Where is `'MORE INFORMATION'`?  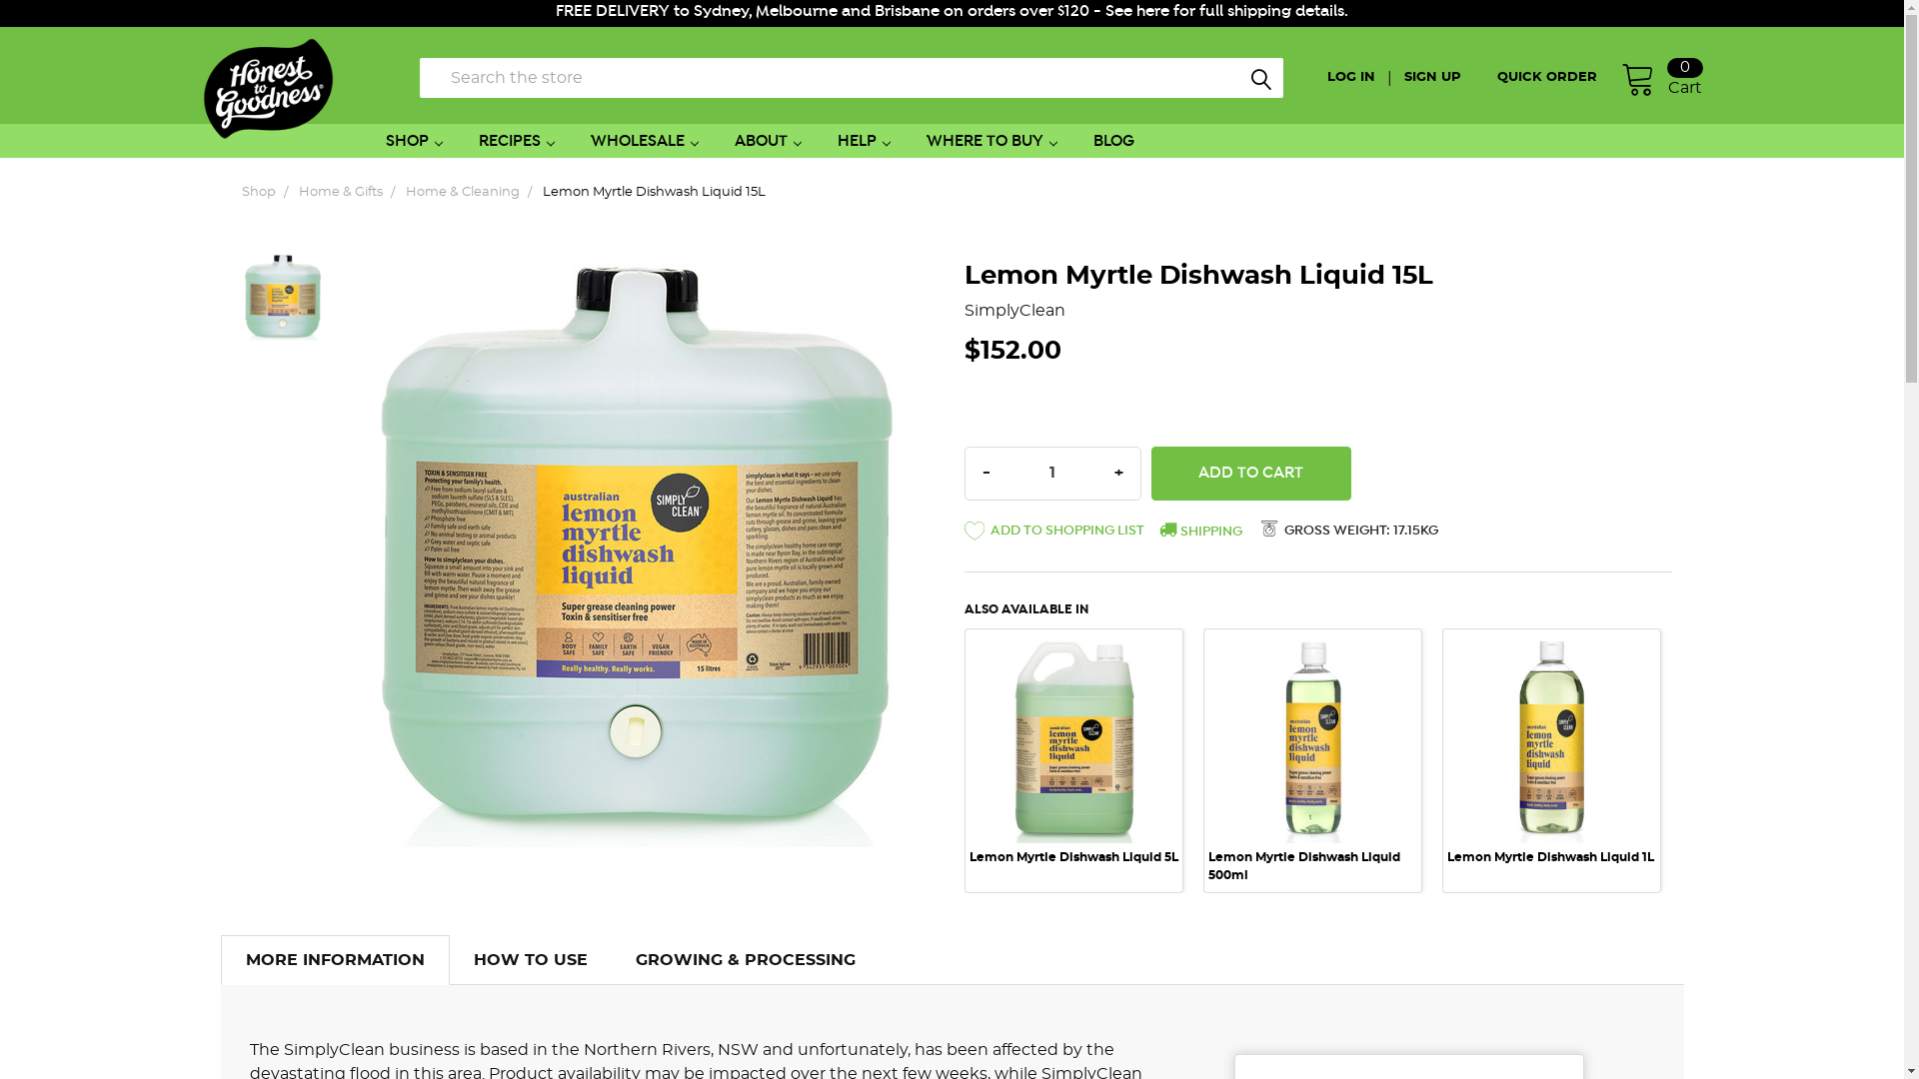
'MORE INFORMATION' is located at coordinates (335, 958).